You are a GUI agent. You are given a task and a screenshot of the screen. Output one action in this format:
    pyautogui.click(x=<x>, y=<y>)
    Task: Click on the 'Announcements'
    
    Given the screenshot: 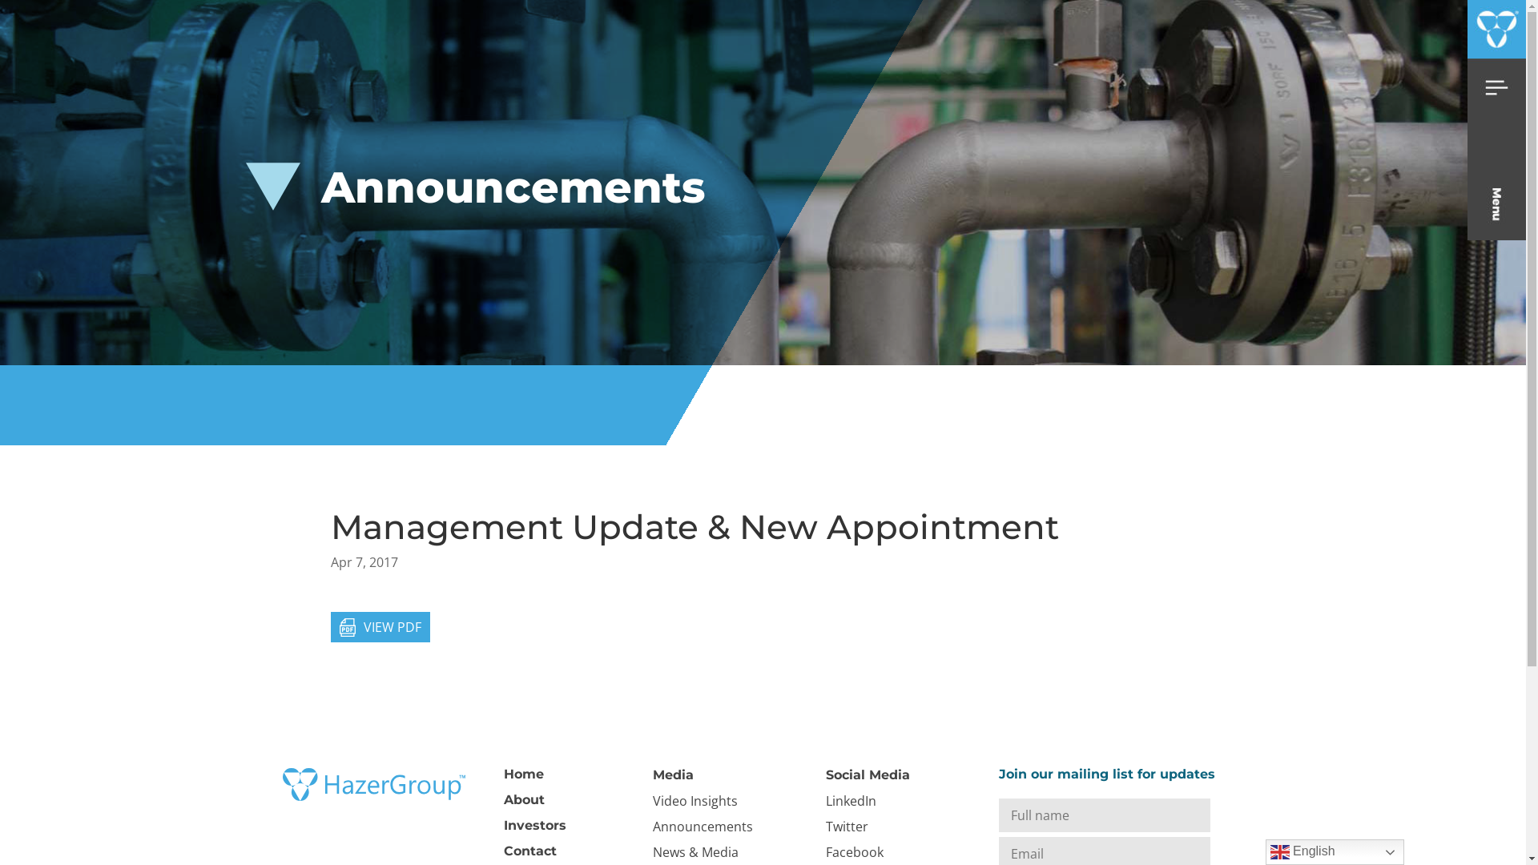 What is the action you would take?
    pyautogui.click(x=702, y=827)
    